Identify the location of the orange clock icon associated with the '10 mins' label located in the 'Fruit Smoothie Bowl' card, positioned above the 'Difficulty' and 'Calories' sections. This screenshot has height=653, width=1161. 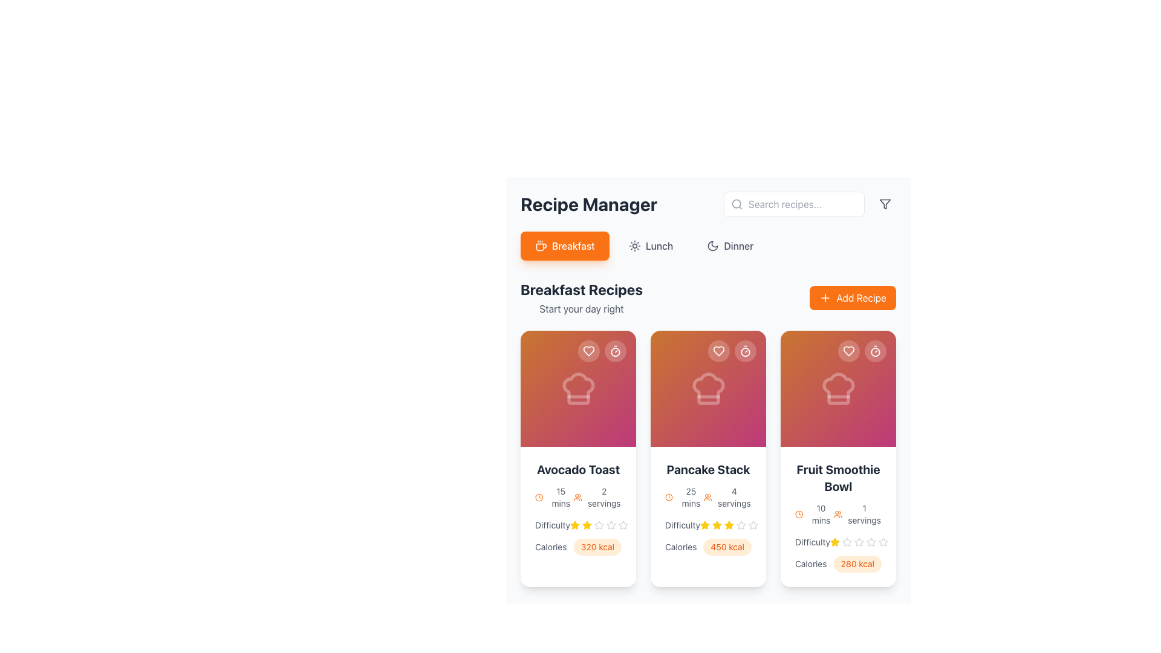
(815, 515).